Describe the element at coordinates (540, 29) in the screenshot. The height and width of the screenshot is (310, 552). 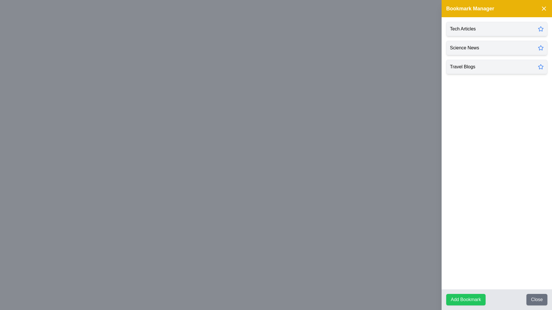
I see `the first star icon in the Bookmark Manager to toggle the bookmark status of the 'Tech Articles' item` at that location.